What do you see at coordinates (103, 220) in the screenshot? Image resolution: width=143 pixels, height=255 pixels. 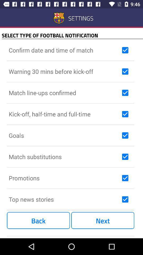 I see `the next item` at bounding box center [103, 220].